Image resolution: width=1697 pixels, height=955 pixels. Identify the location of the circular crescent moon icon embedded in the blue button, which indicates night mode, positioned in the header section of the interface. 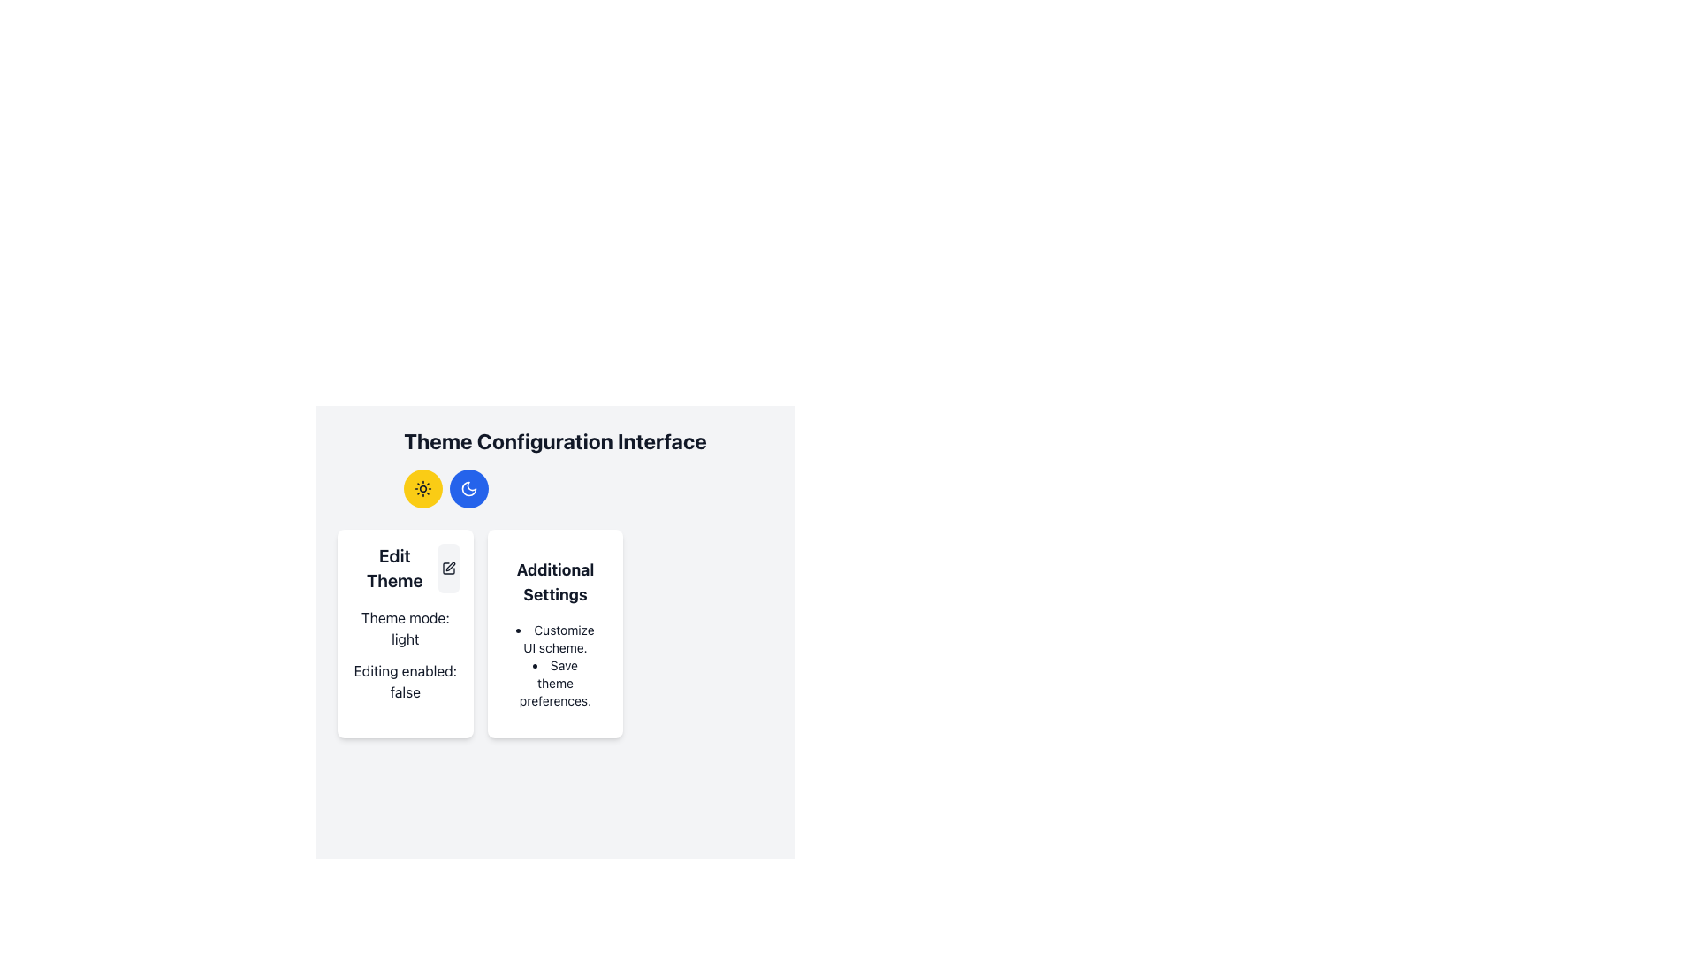
(469, 488).